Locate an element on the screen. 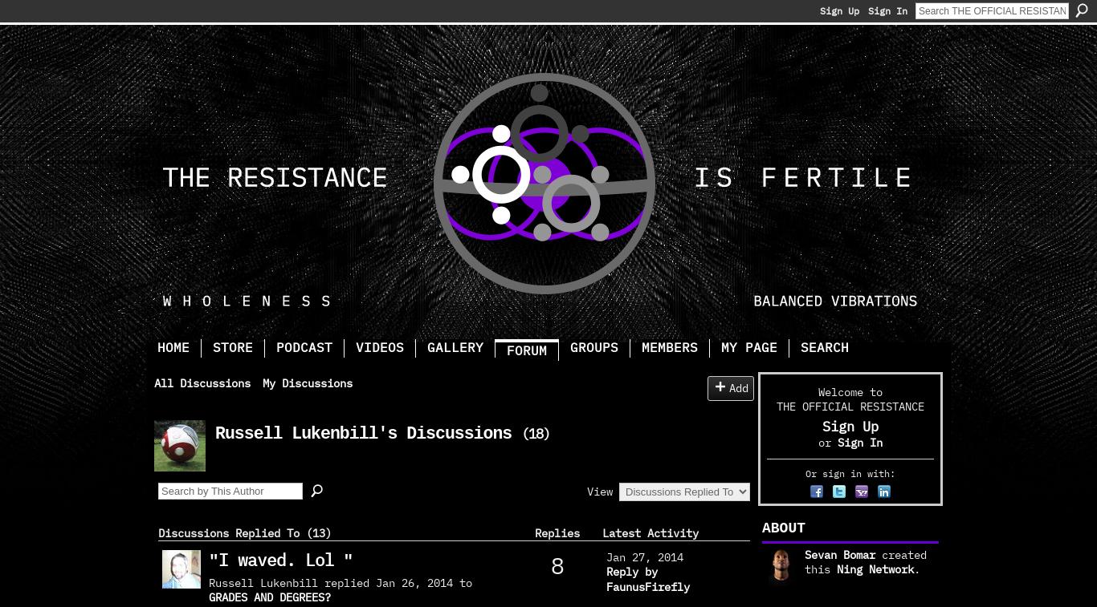 The width and height of the screenshot is (1097, 607). 'Ning Network' is located at coordinates (875, 569).